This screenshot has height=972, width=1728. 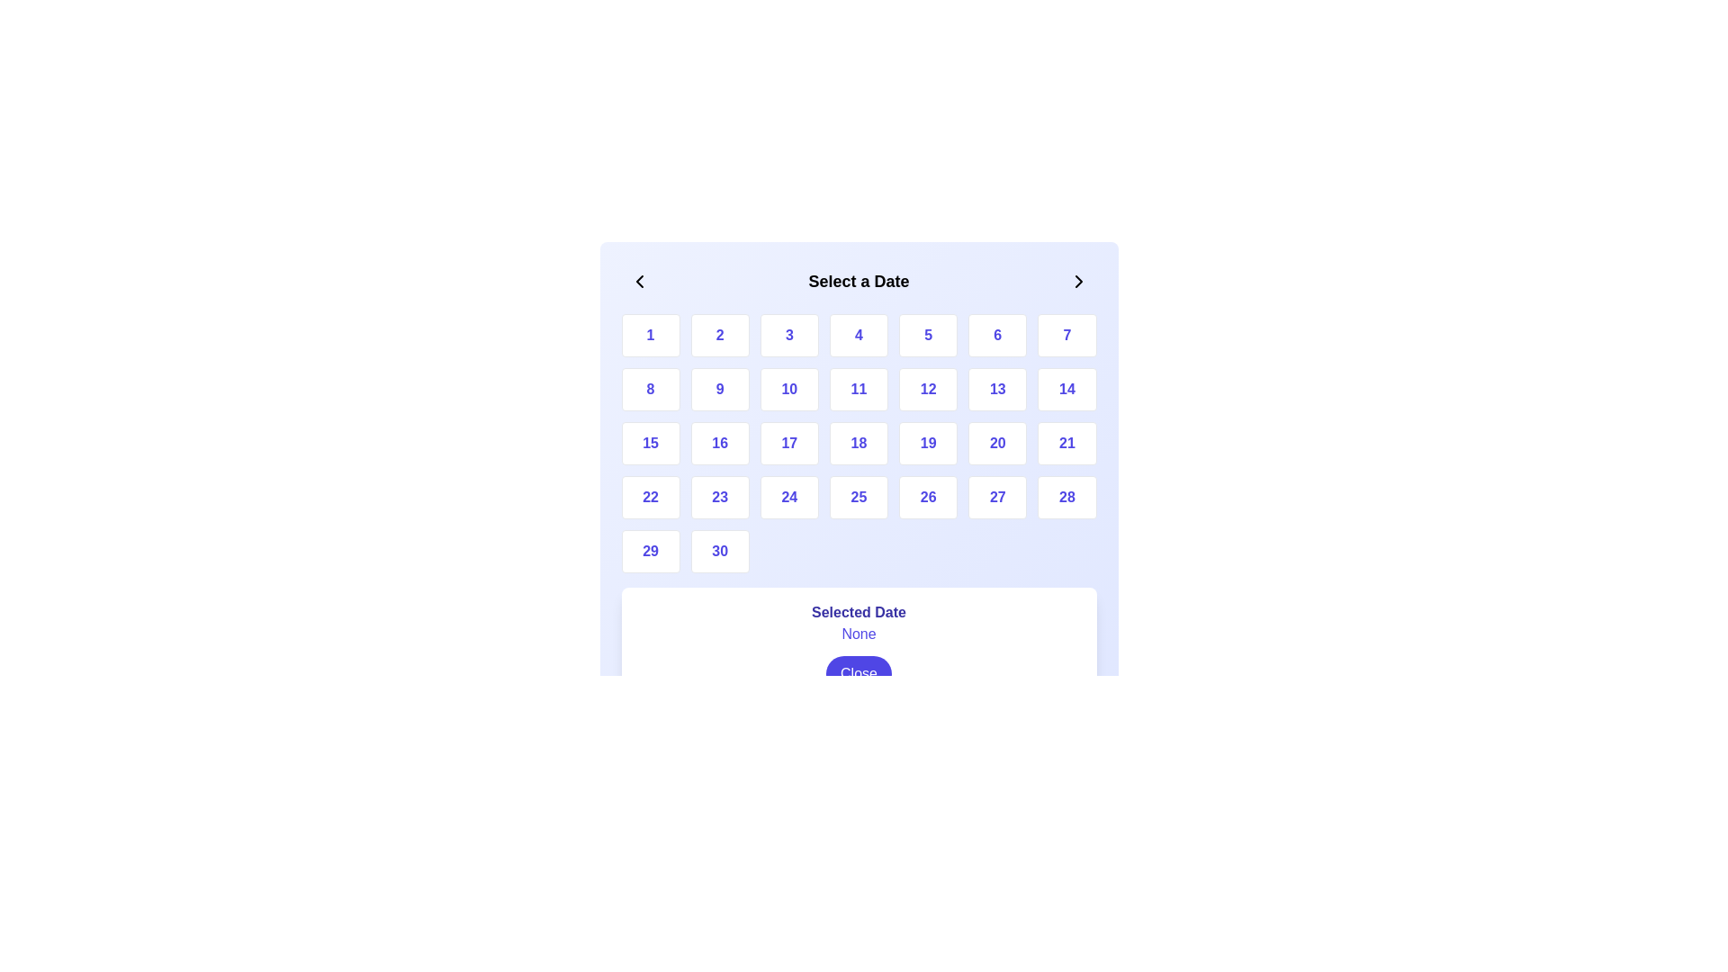 I want to click on the square white button with a blue number '4' centered on it, so click(x=858, y=336).